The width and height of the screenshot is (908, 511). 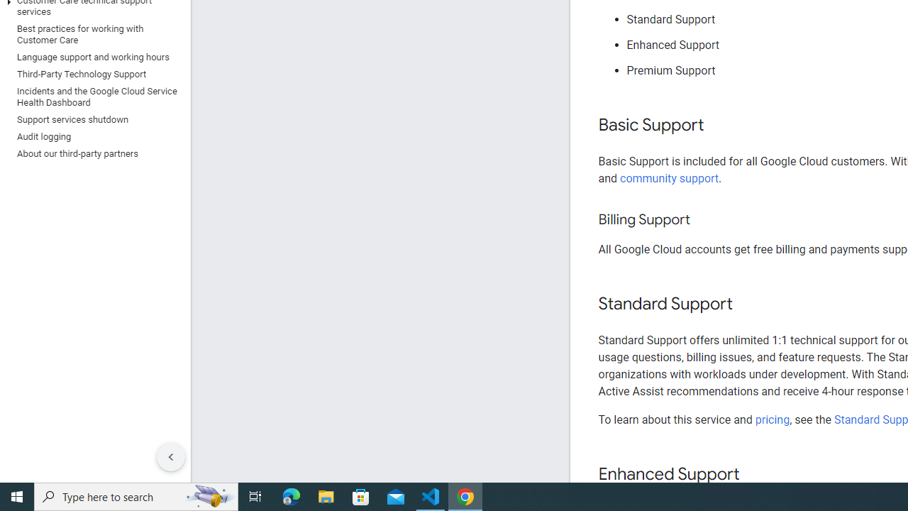 I want to click on 'Copy link to this section: Standard Support', so click(x=746, y=304).